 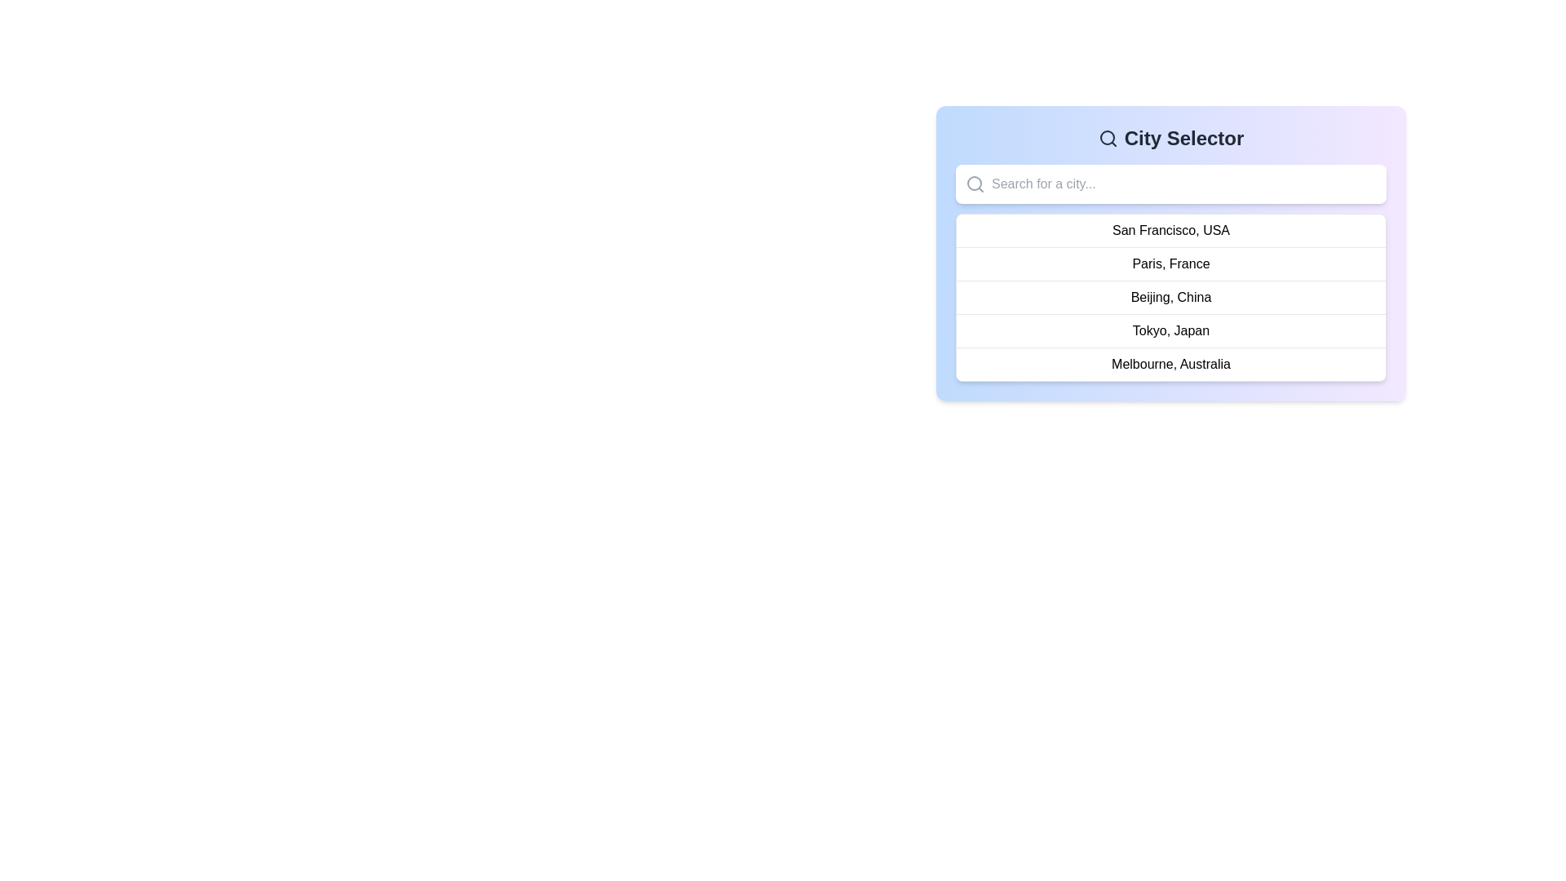 What do you see at coordinates (1107, 137) in the screenshot?
I see `the circular graphical representation component resembling a part of a search icon, located near the left side of the 'Search for a city...' input field` at bounding box center [1107, 137].